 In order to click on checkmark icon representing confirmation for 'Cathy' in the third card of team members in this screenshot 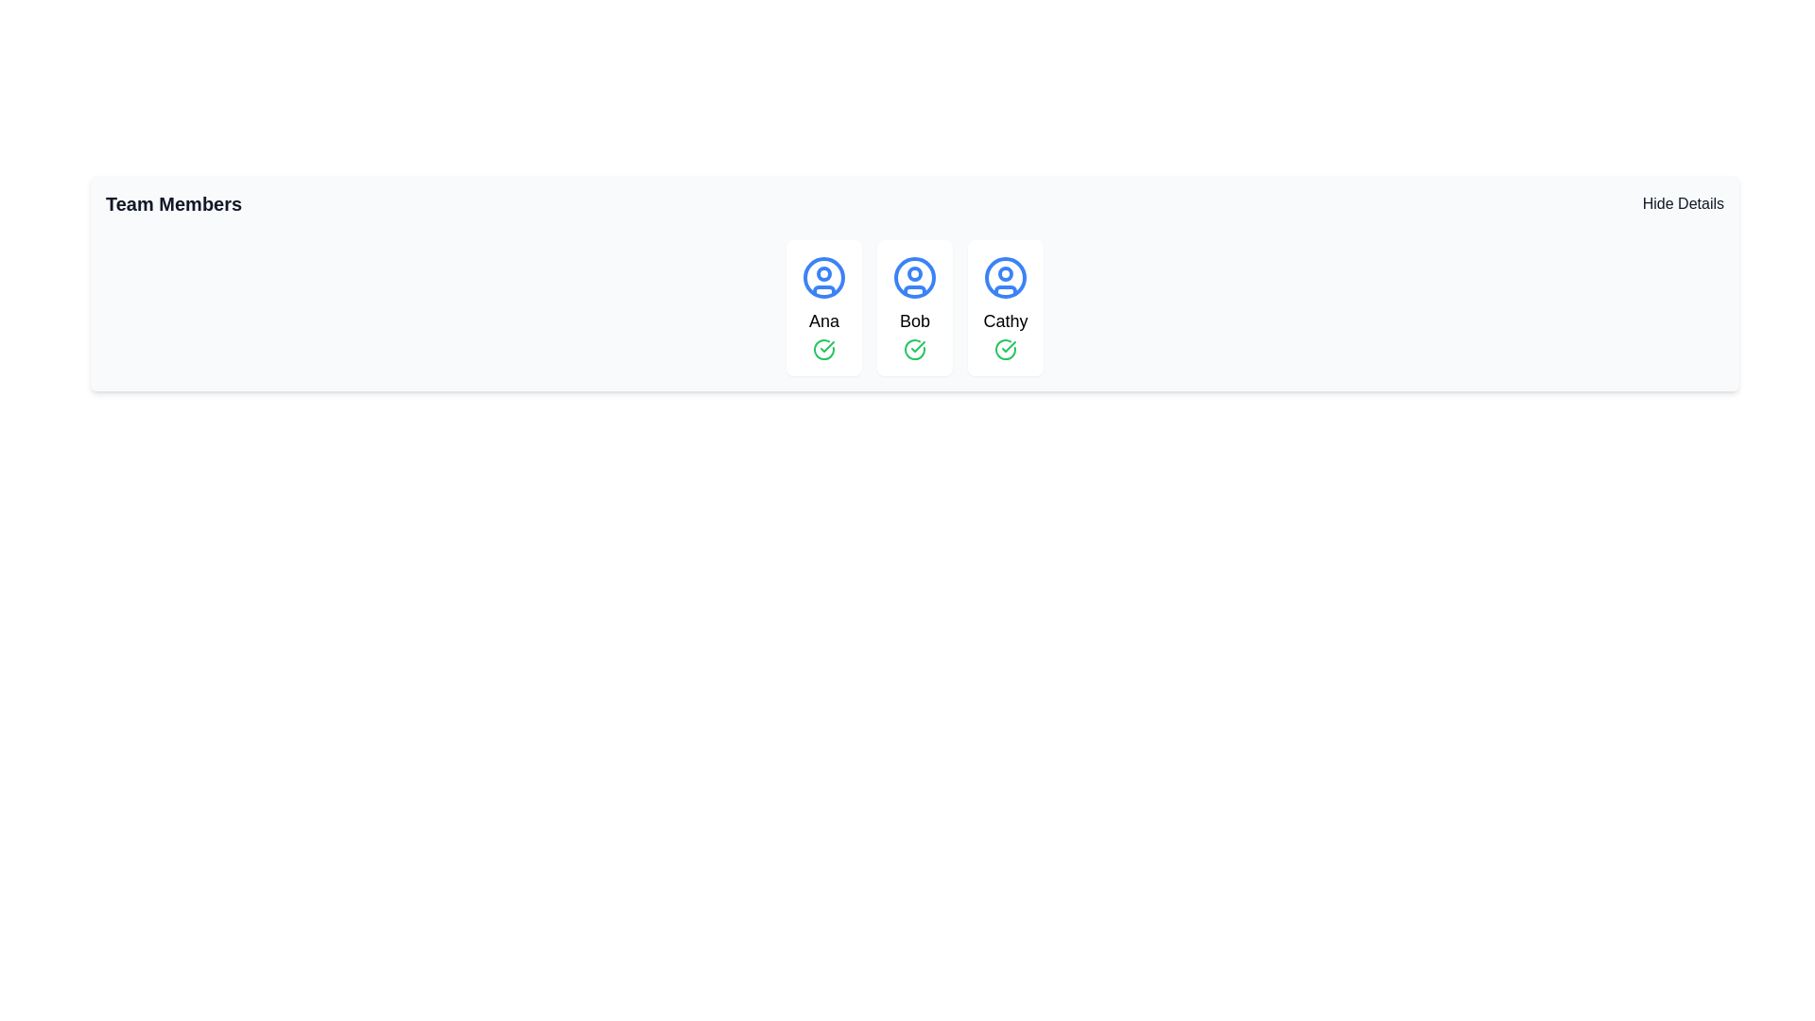, I will do `click(827, 346)`.